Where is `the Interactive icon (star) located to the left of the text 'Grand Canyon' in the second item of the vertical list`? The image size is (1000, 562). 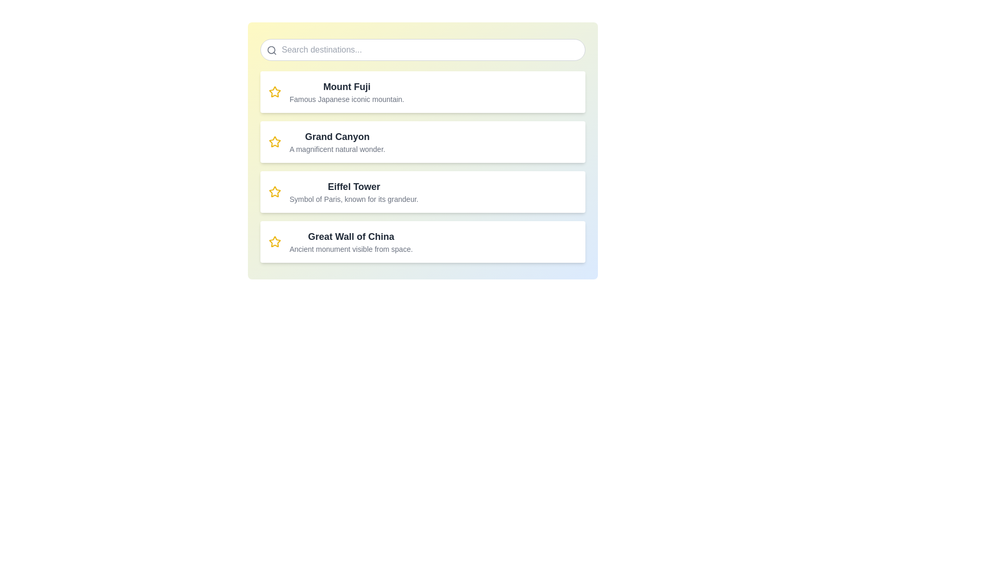 the Interactive icon (star) located to the left of the text 'Grand Canyon' in the second item of the vertical list is located at coordinates (275, 241).